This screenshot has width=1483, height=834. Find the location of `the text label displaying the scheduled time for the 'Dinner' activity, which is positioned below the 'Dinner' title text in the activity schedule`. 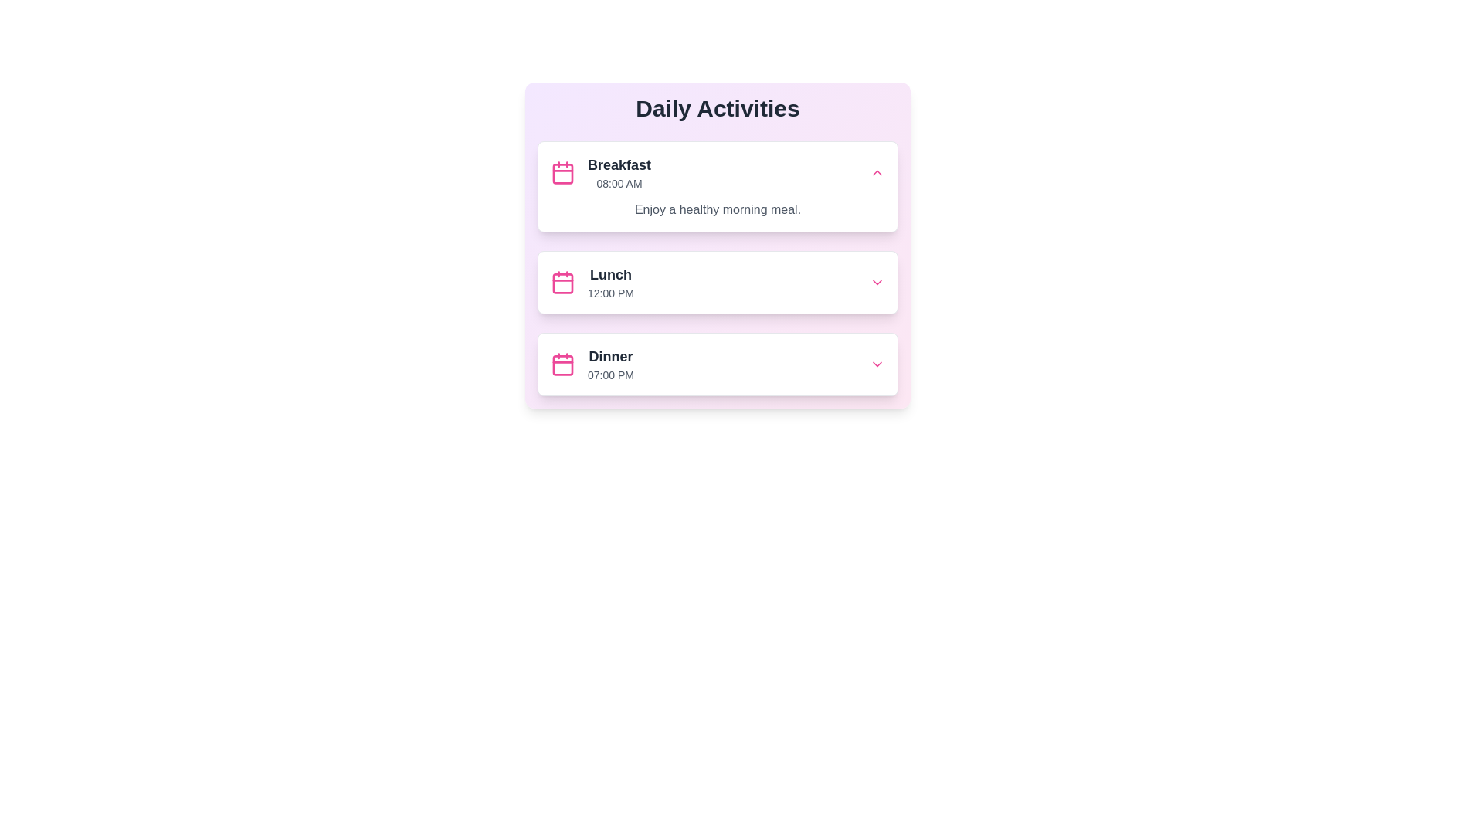

the text label displaying the scheduled time for the 'Dinner' activity, which is positioned below the 'Dinner' title text in the activity schedule is located at coordinates (610, 375).